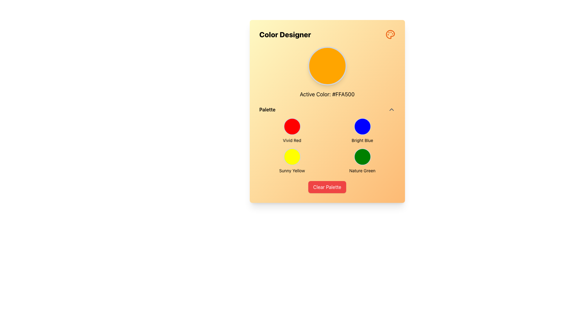  What do you see at coordinates (292, 170) in the screenshot?
I see `text label 'Sunny Yellow' which is styled in black text and located below the yellow circular color swatch in the palette selector UI` at bounding box center [292, 170].